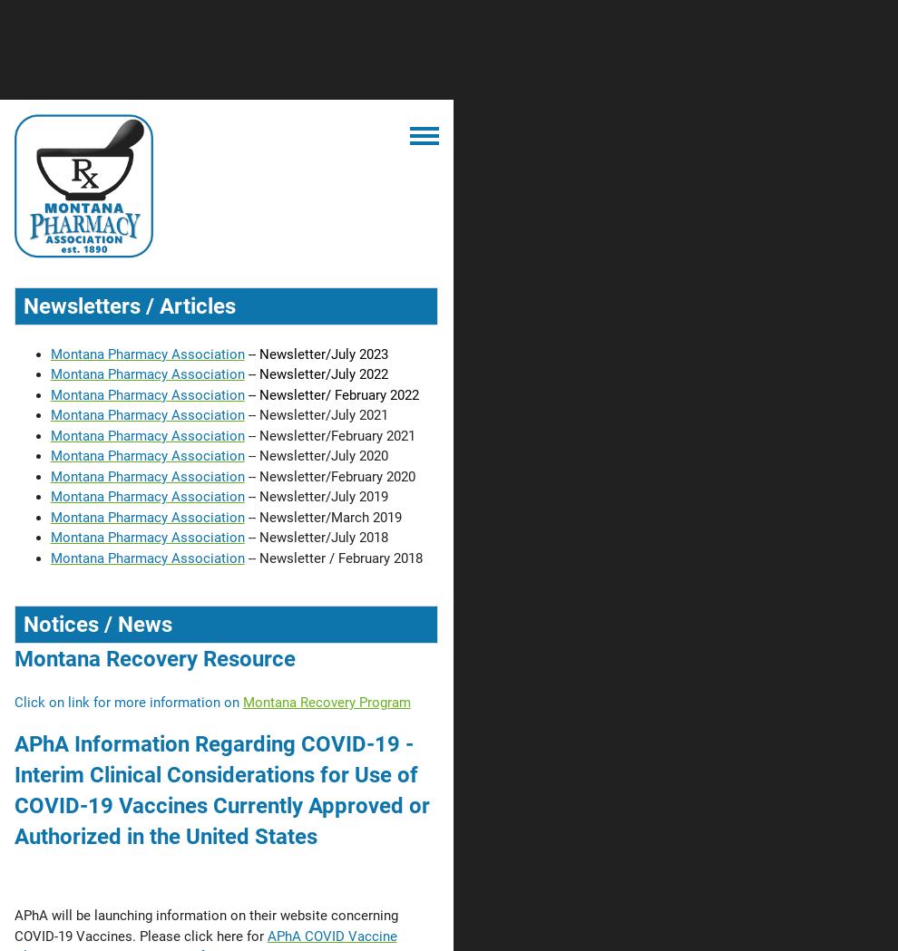  I want to click on '-- Newsletter/July 2023', so click(314, 354).